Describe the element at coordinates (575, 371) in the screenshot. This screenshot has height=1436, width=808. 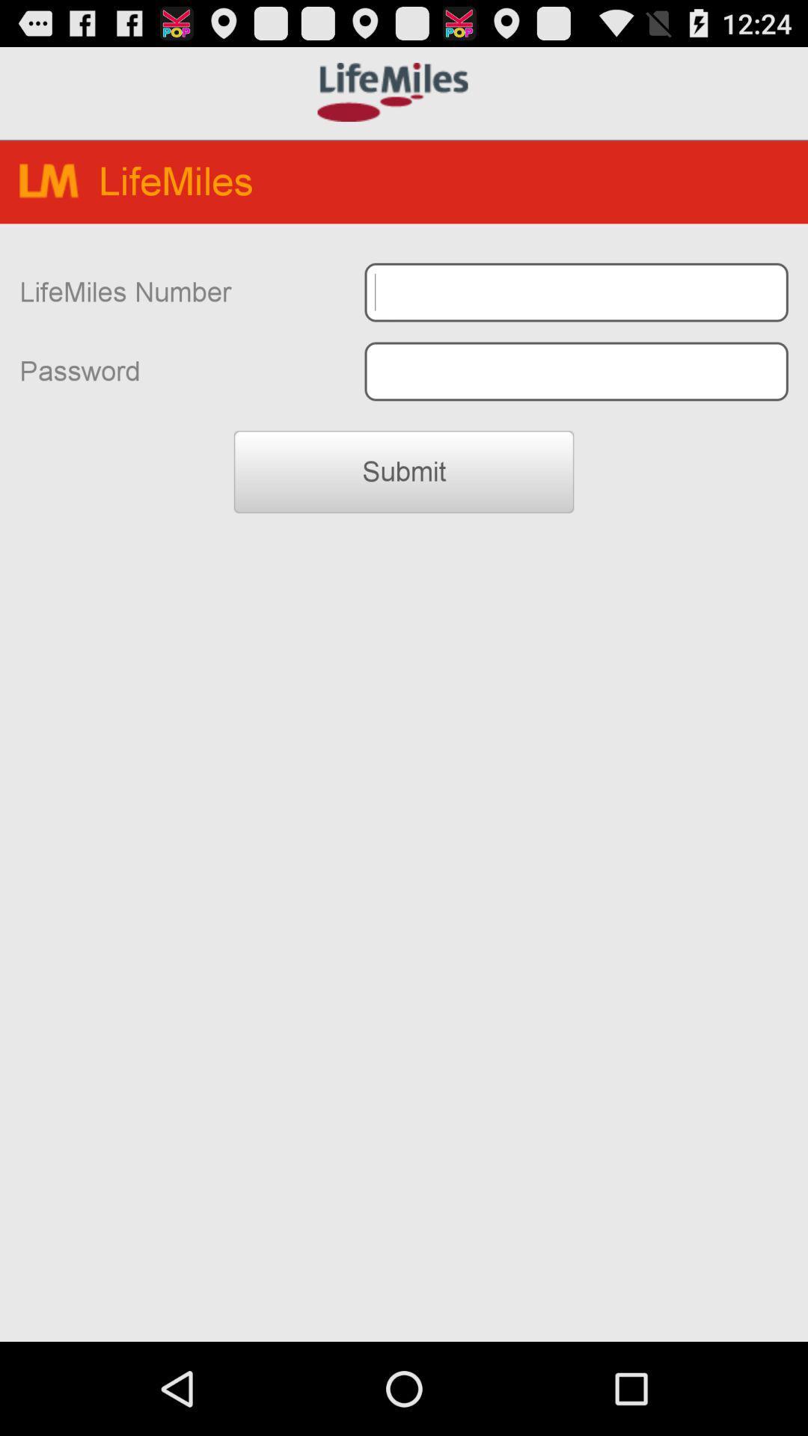
I see `password` at that location.